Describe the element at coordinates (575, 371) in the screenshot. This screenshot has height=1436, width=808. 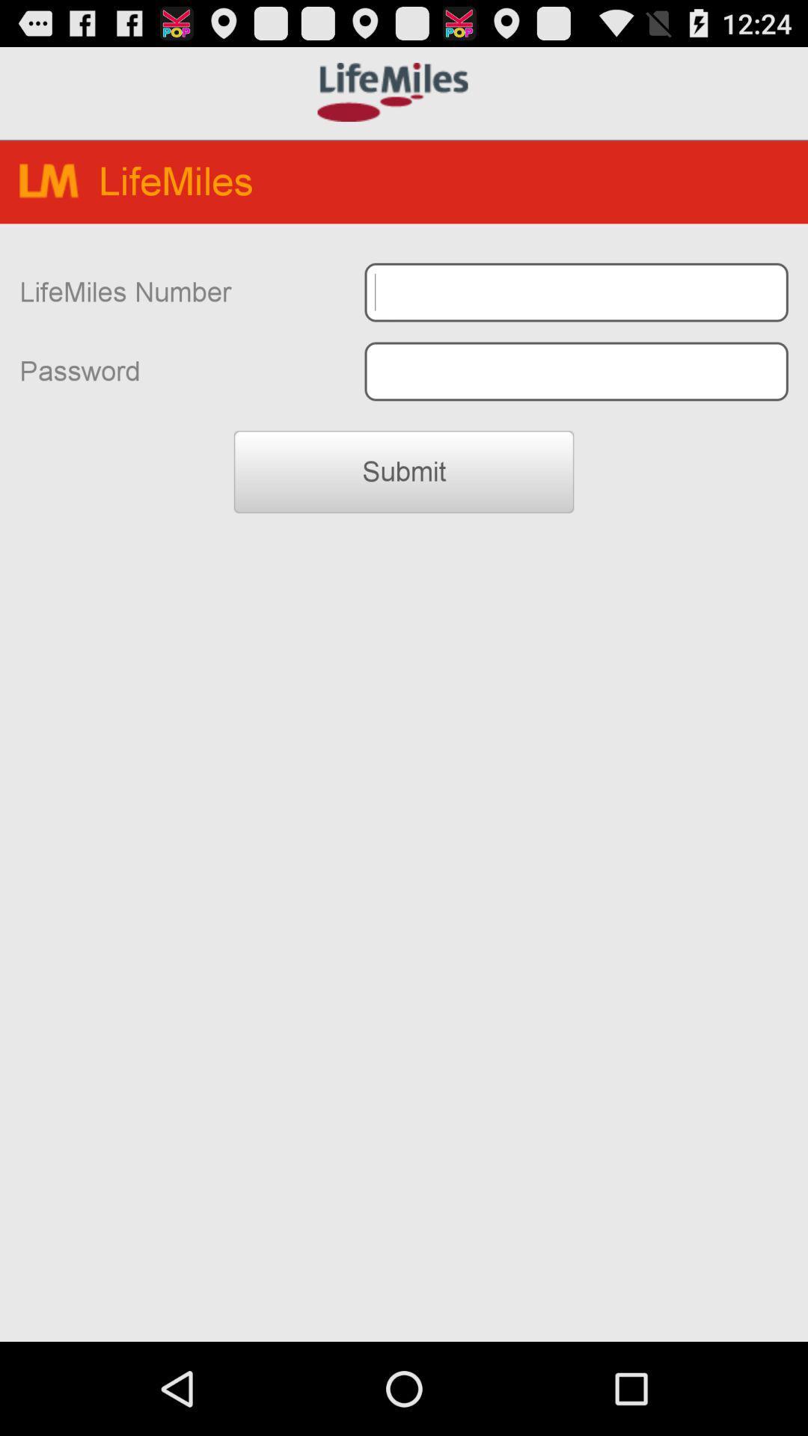
I see `password` at that location.